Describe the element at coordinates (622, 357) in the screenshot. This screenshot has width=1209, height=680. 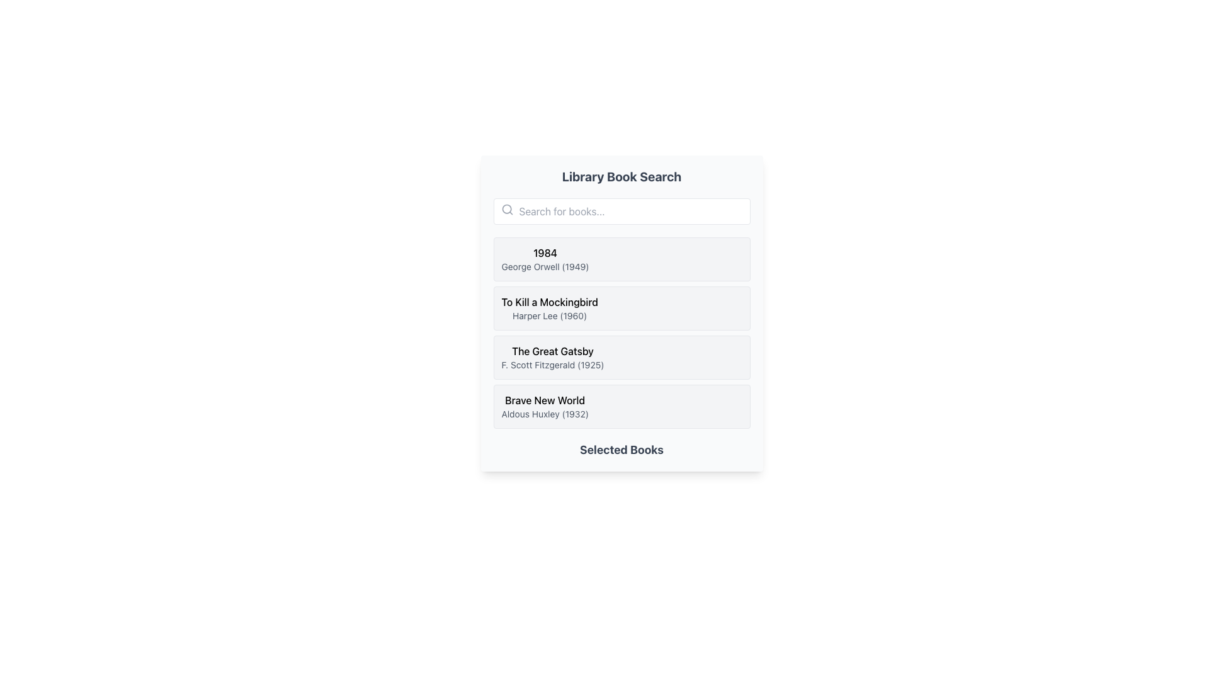
I see `the selectable button displaying 'The Great Gatsby'` at that location.